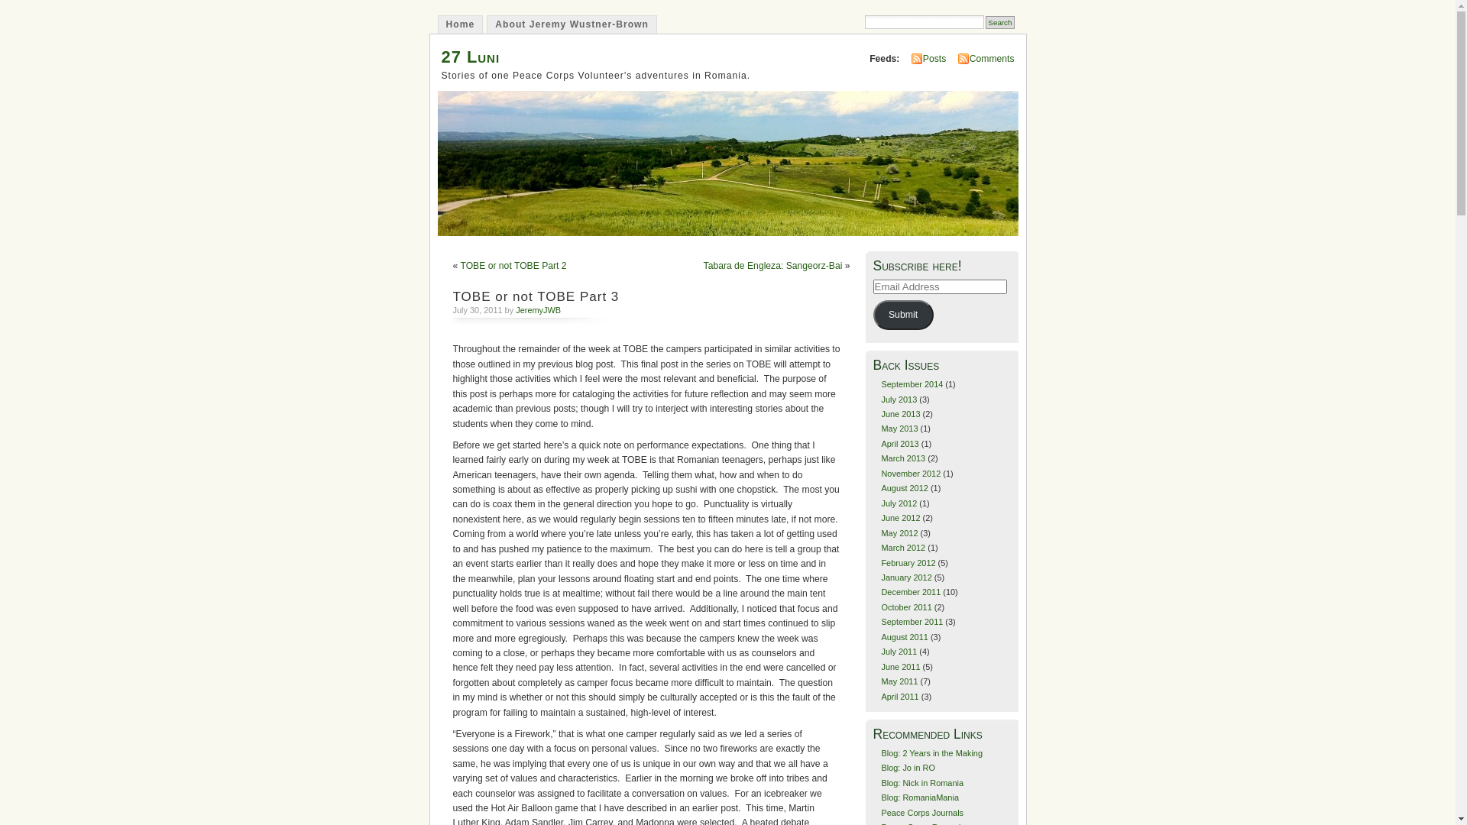 The height and width of the screenshot is (825, 1467). Describe the element at coordinates (458, 24) in the screenshot. I see `'Home'` at that location.